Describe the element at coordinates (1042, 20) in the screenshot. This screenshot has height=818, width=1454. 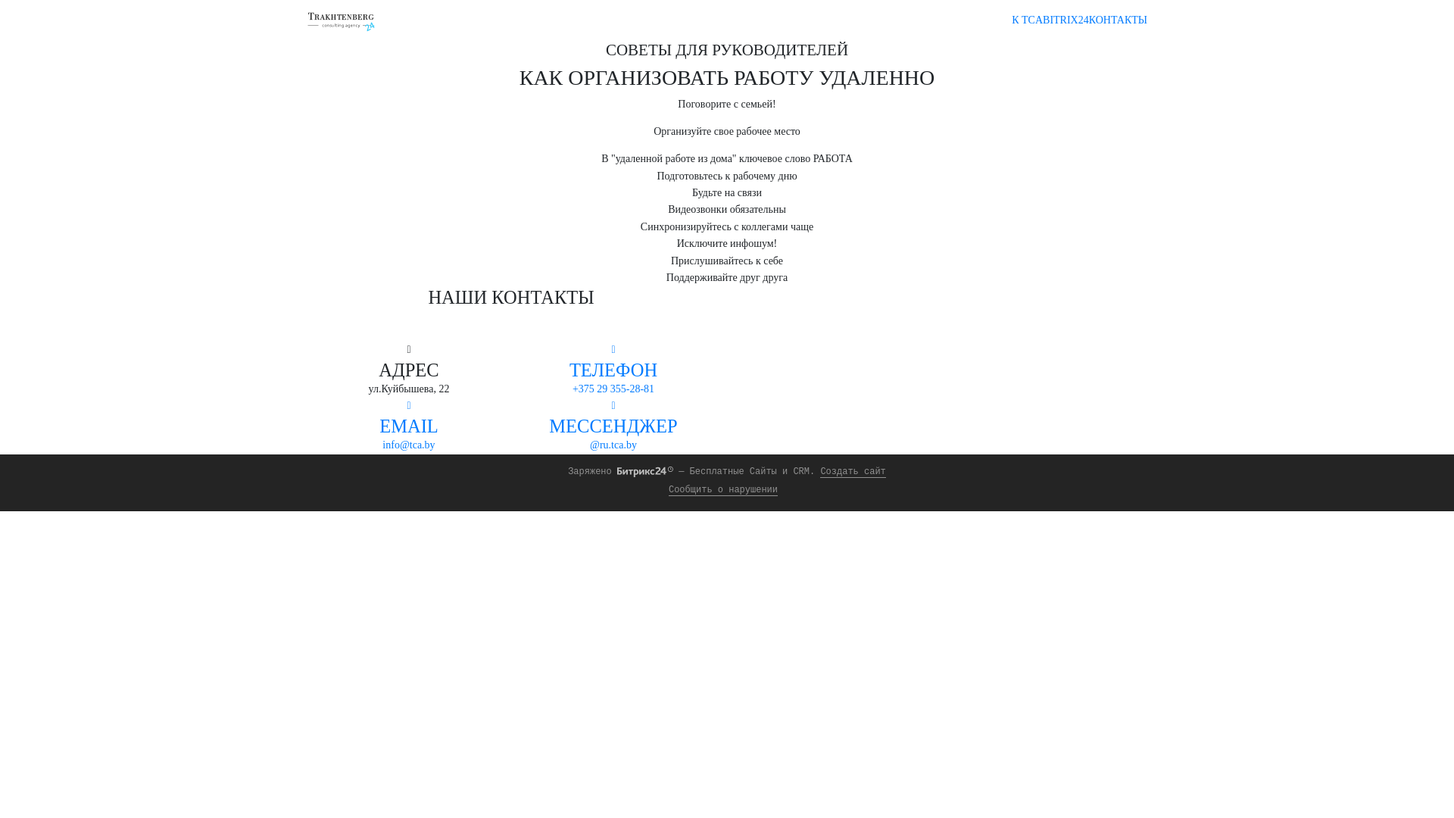
I see `'BITRIX24'` at that location.